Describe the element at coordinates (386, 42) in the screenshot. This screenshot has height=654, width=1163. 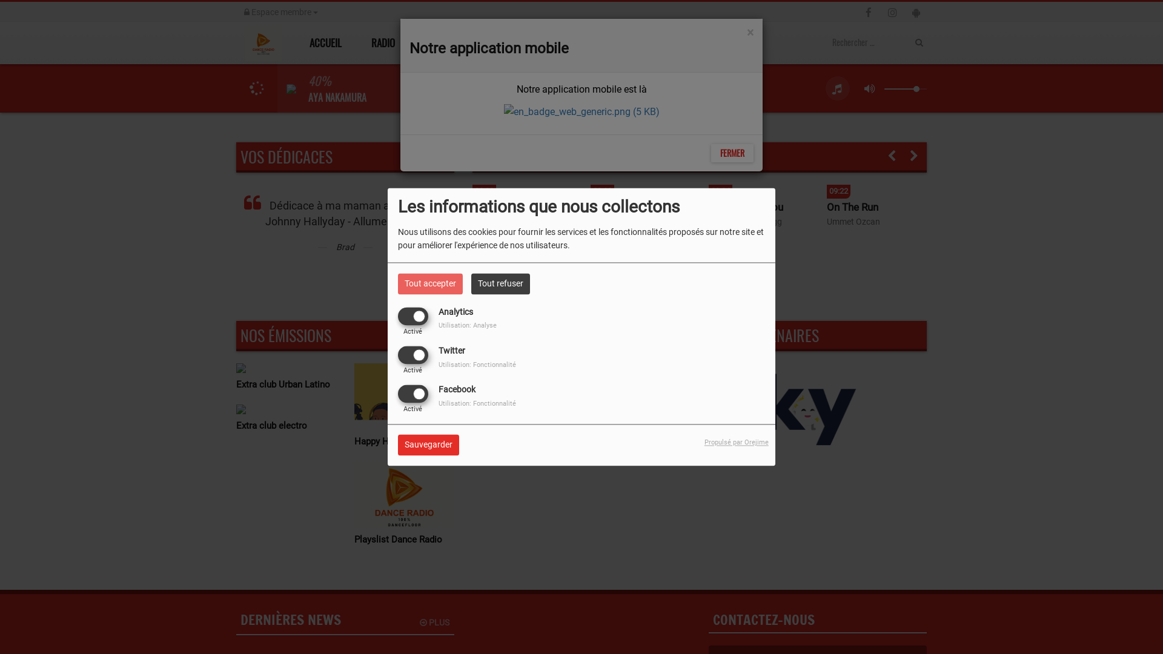
I see `'RADIO'` at that location.